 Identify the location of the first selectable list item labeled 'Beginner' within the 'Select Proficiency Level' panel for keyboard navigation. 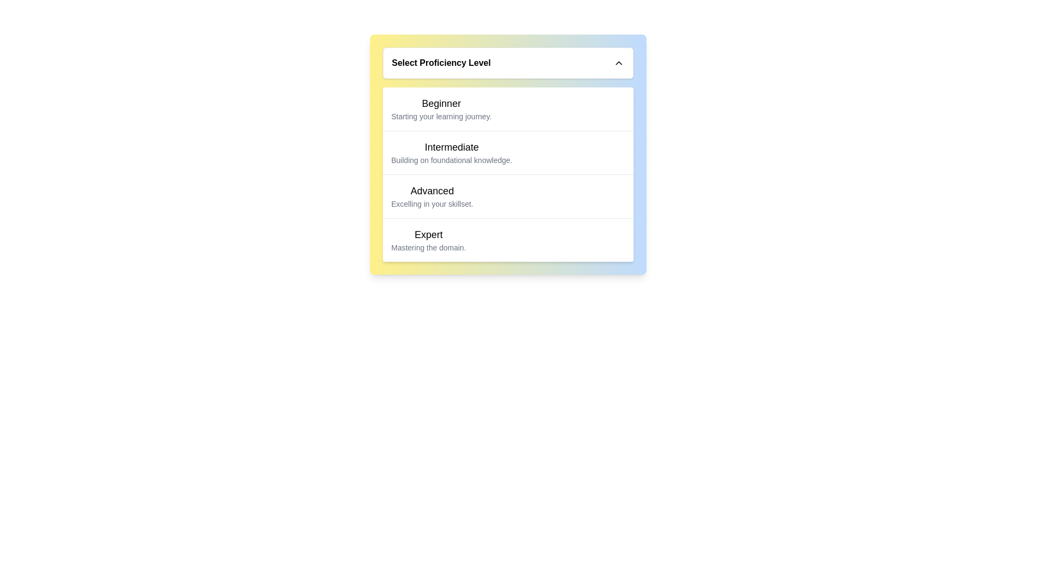
(441, 109).